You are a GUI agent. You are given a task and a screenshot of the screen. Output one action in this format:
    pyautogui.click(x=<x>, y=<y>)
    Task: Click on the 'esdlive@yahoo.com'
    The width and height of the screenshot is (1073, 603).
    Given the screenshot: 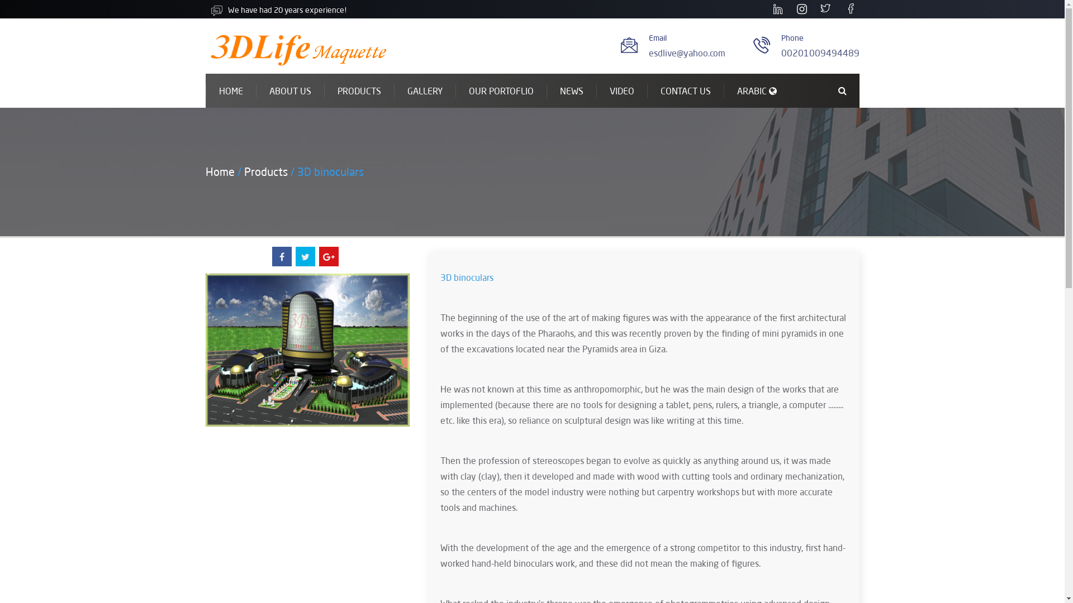 What is the action you would take?
    pyautogui.click(x=648, y=52)
    